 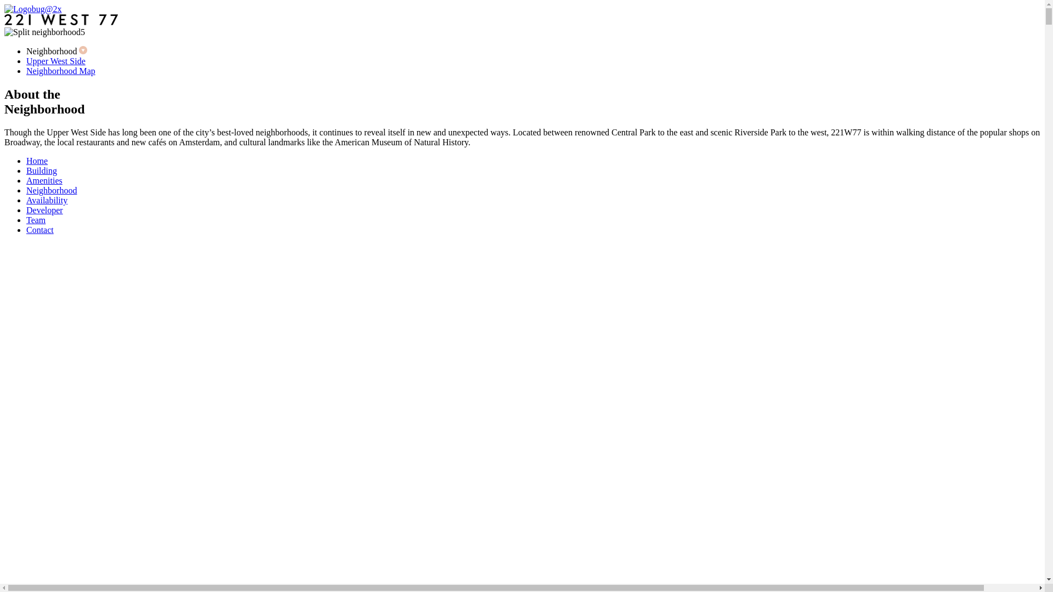 What do you see at coordinates (55, 61) in the screenshot?
I see `'Upper West Side'` at bounding box center [55, 61].